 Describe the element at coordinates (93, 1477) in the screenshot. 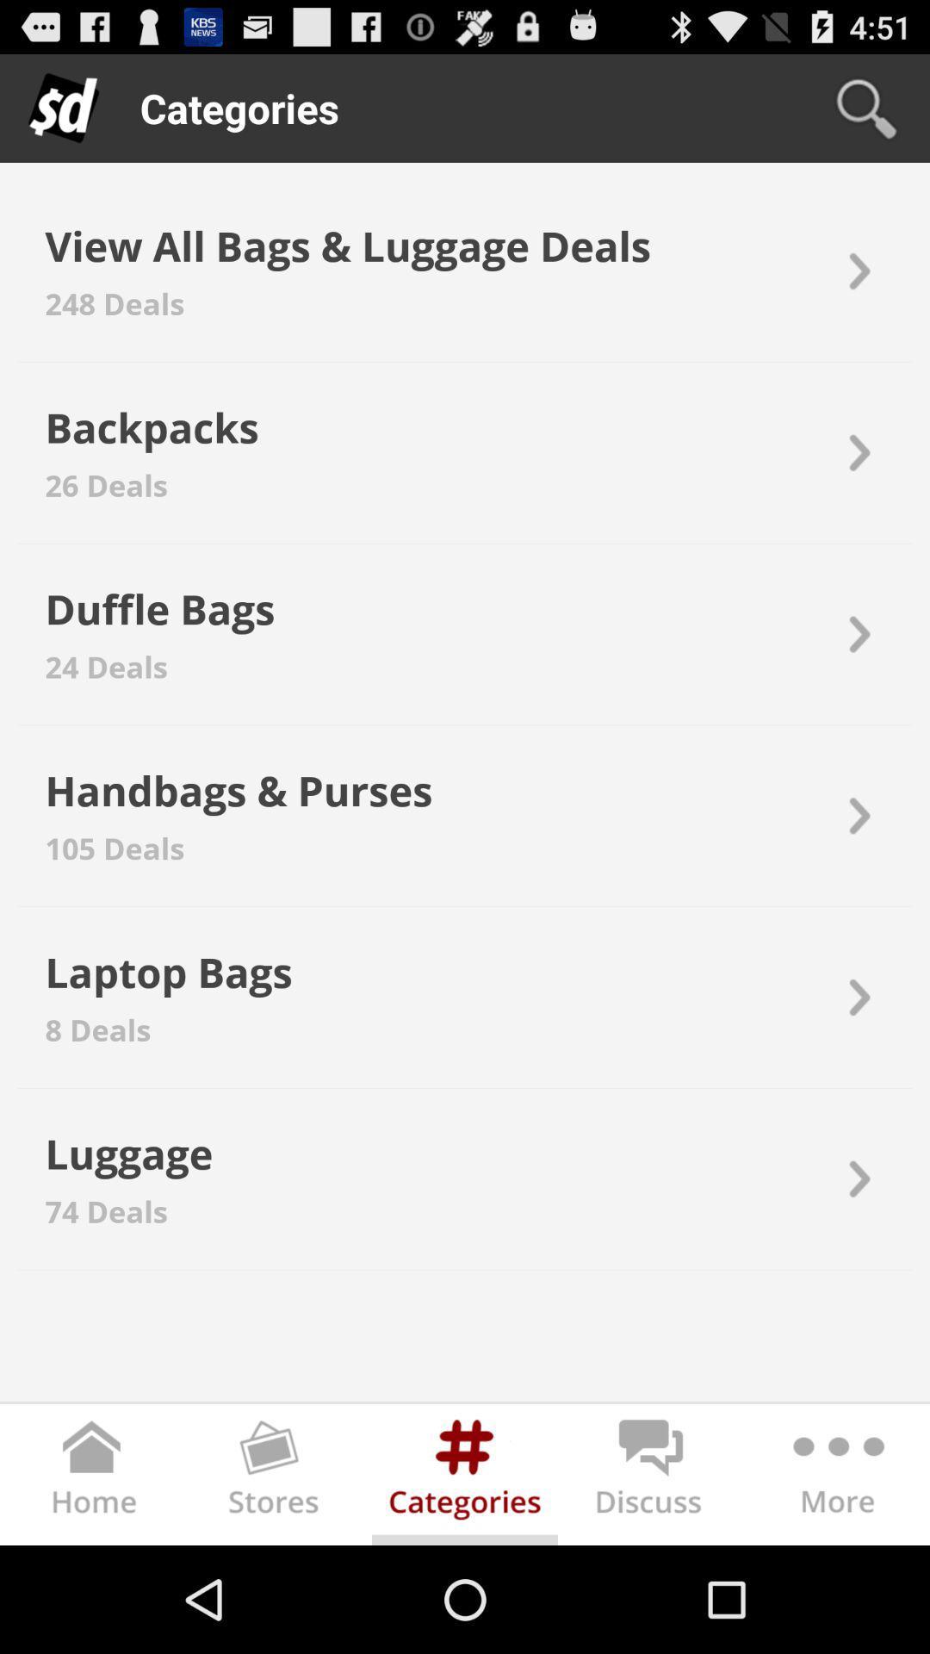

I see `home page` at that location.